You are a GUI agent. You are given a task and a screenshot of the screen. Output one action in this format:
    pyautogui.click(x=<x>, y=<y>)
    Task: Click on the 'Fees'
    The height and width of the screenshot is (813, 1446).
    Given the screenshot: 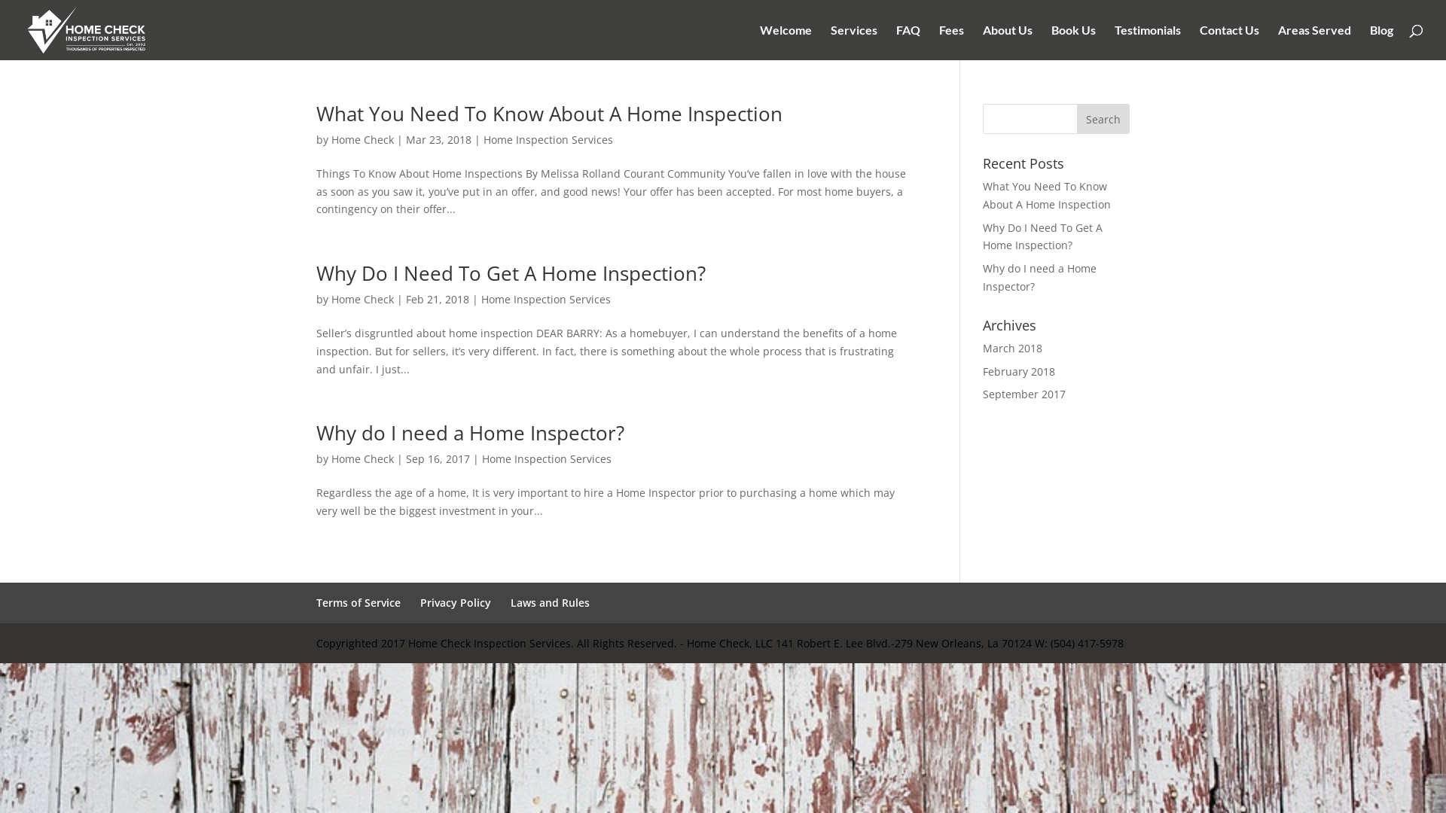 What is the action you would take?
    pyautogui.click(x=950, y=41)
    